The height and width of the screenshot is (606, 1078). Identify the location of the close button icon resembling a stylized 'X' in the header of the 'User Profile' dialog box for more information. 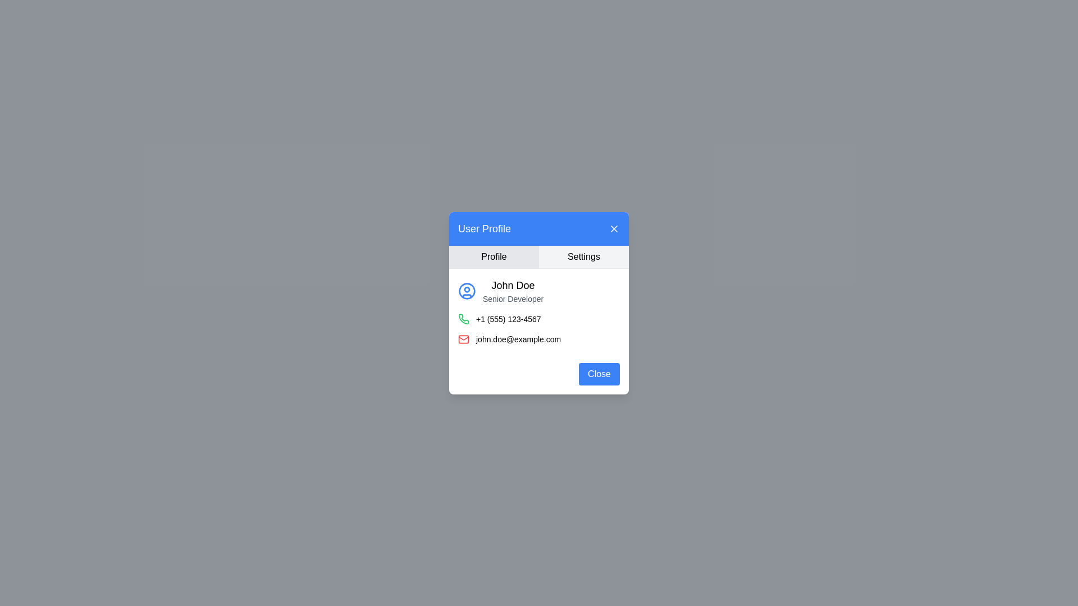
(614, 228).